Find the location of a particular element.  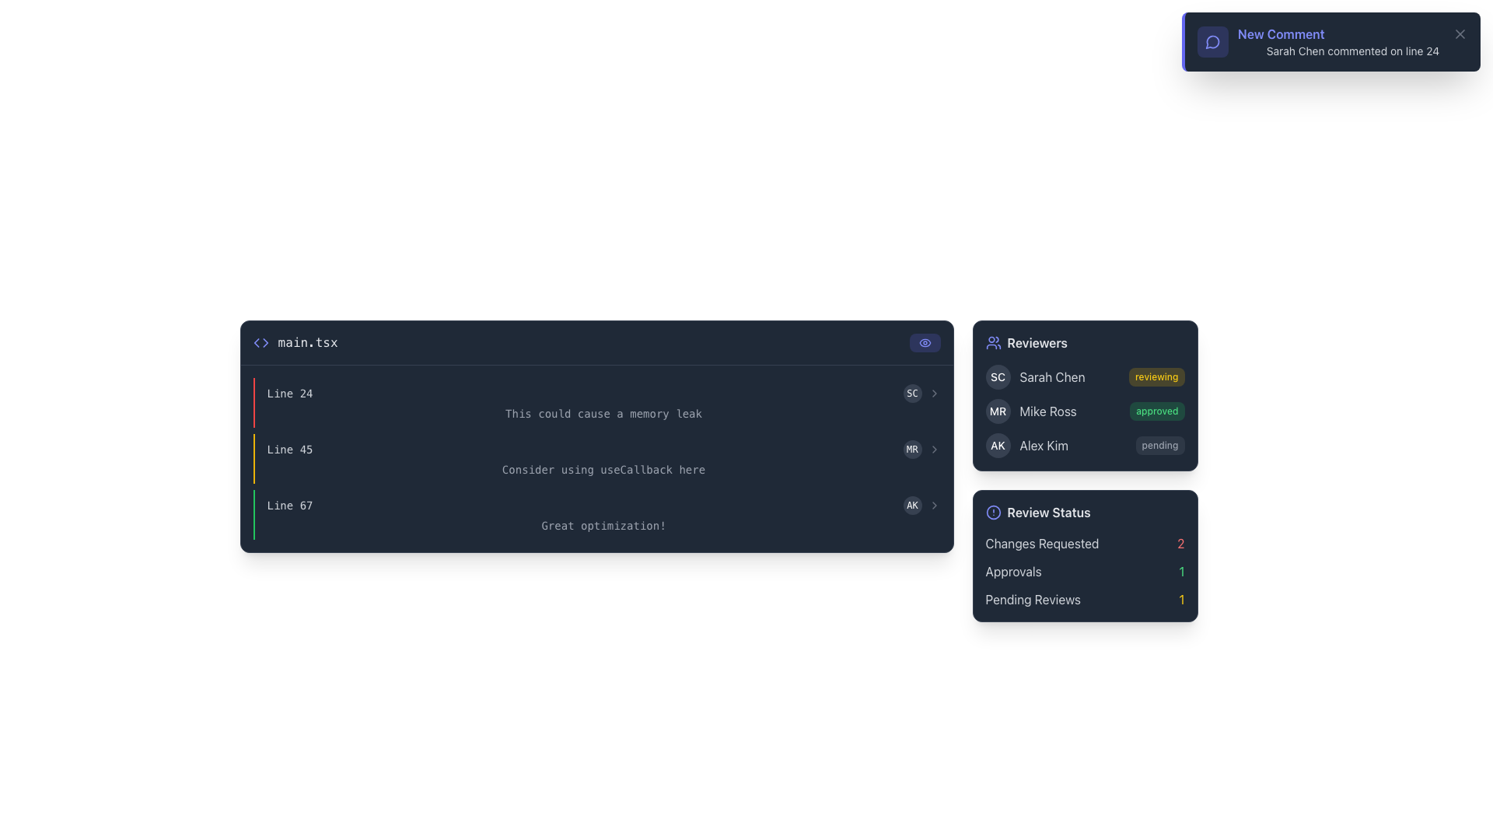

the label displaying the count of pending reviews in the 'Review Status' section, positioned to the right of the 'Pending Reviews' row is located at coordinates (1181, 599).